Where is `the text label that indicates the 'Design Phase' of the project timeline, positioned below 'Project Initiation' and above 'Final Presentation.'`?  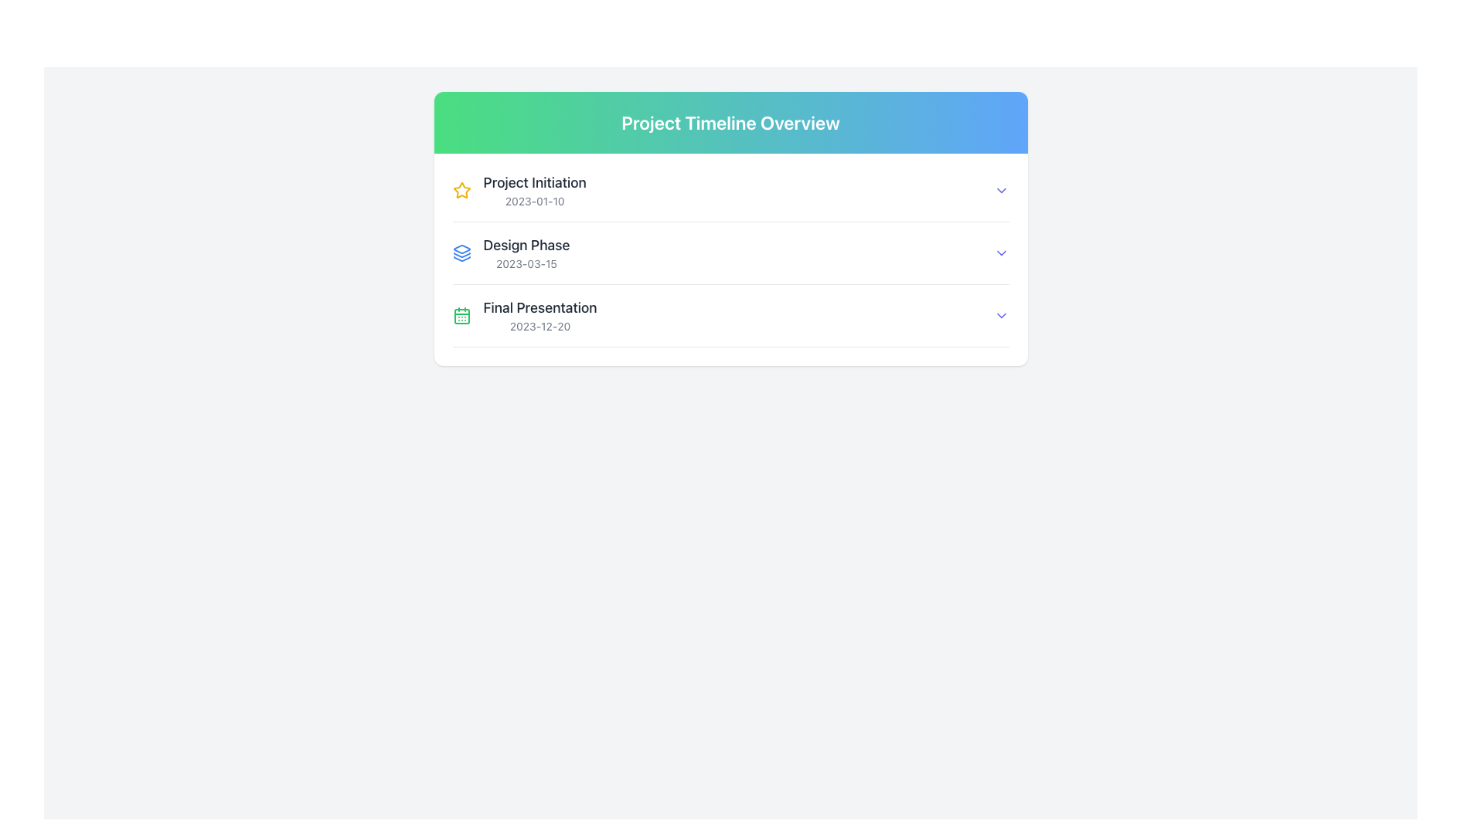 the text label that indicates the 'Design Phase' of the project timeline, positioned below 'Project Initiation' and above 'Final Presentation.' is located at coordinates (526, 244).